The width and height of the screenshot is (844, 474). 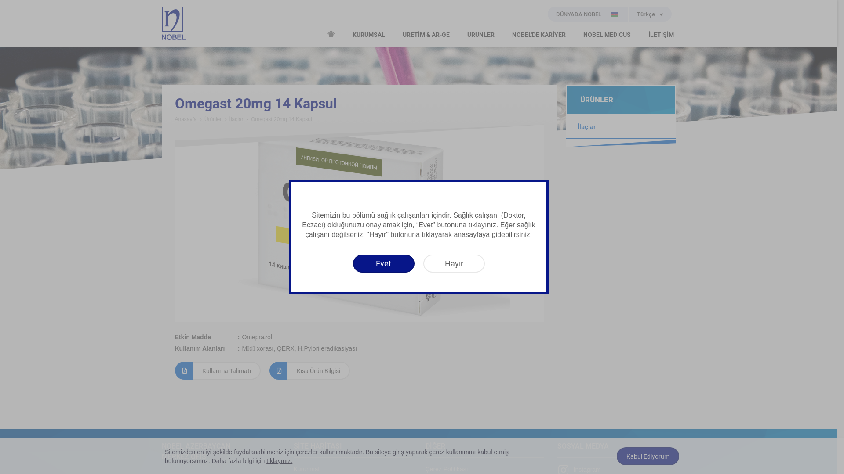 I want to click on 'Anasayfa', so click(x=185, y=119).